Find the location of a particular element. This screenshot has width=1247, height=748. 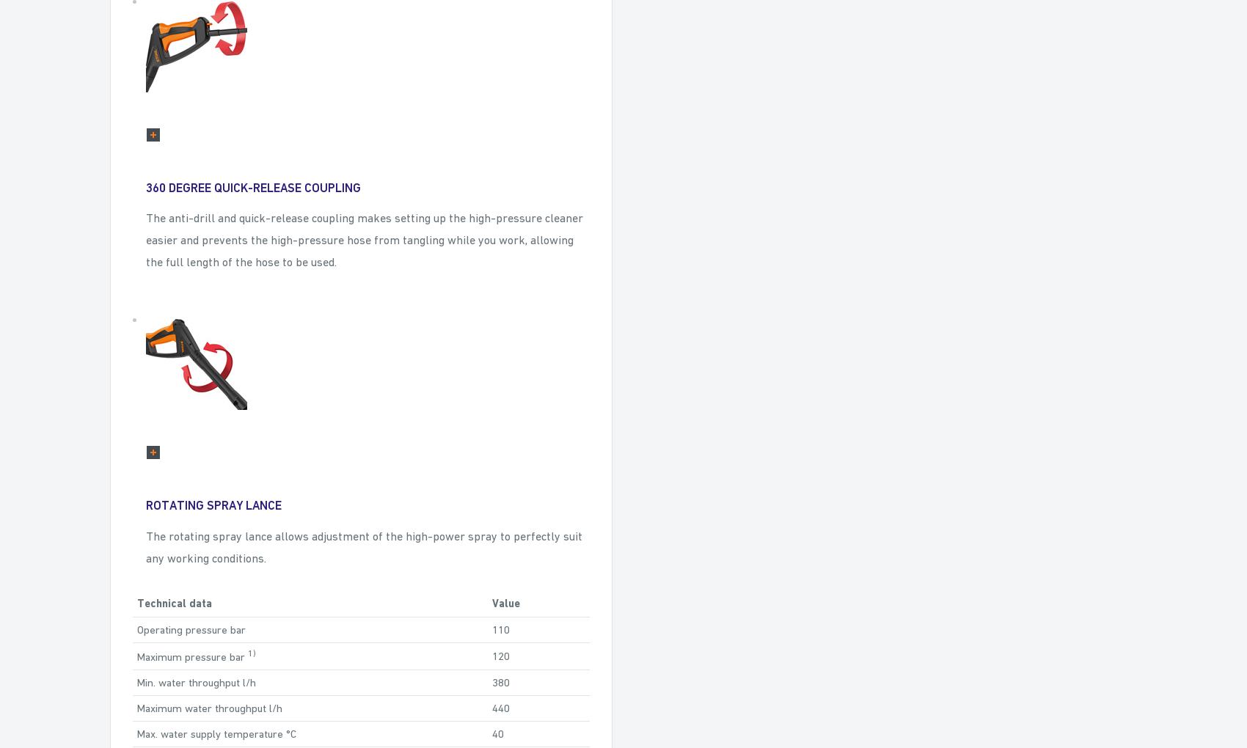

'The rotating spray lance allows adjustment of the high-power spray to perfectly suit any working conditions.' is located at coordinates (364, 546).